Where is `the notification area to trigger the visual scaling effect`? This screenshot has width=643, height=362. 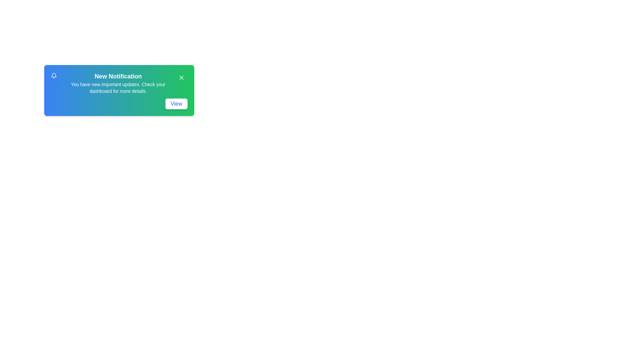
the notification area to trigger the visual scaling effect is located at coordinates (119, 90).